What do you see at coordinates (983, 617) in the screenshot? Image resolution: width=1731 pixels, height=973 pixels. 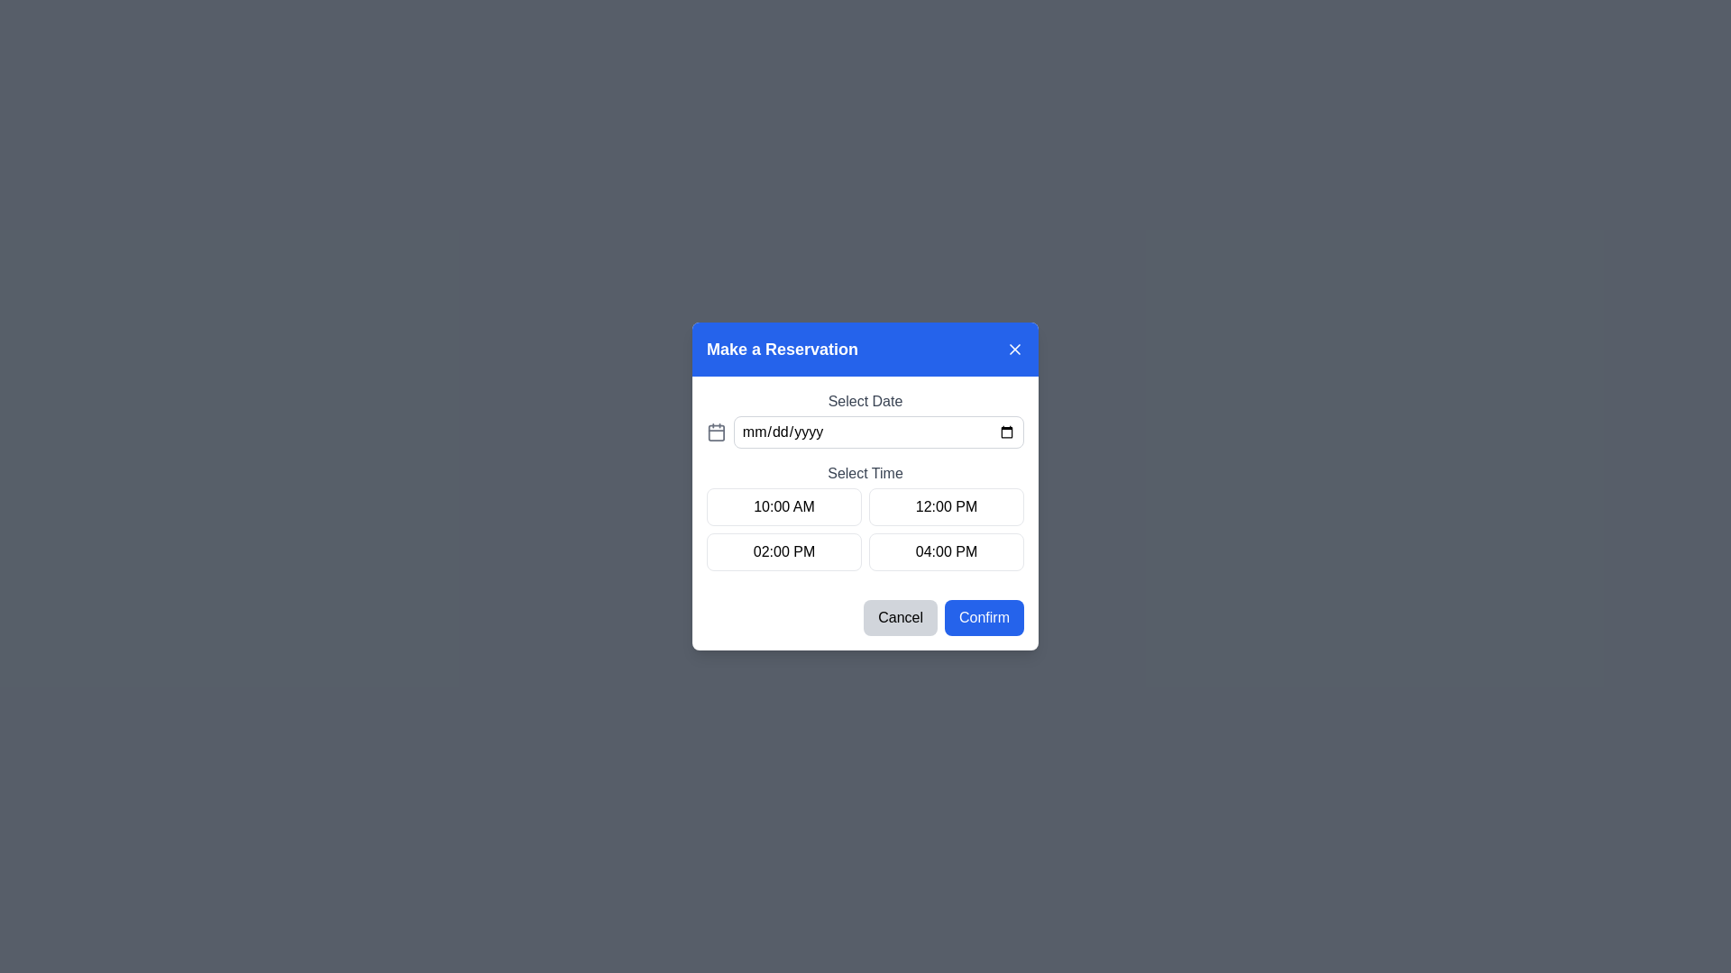 I see `the 'Confirm' button, which is a rectangular button with white text on a blue background, located at the bottom-right of the dialog box, below the date and time selection options` at bounding box center [983, 617].